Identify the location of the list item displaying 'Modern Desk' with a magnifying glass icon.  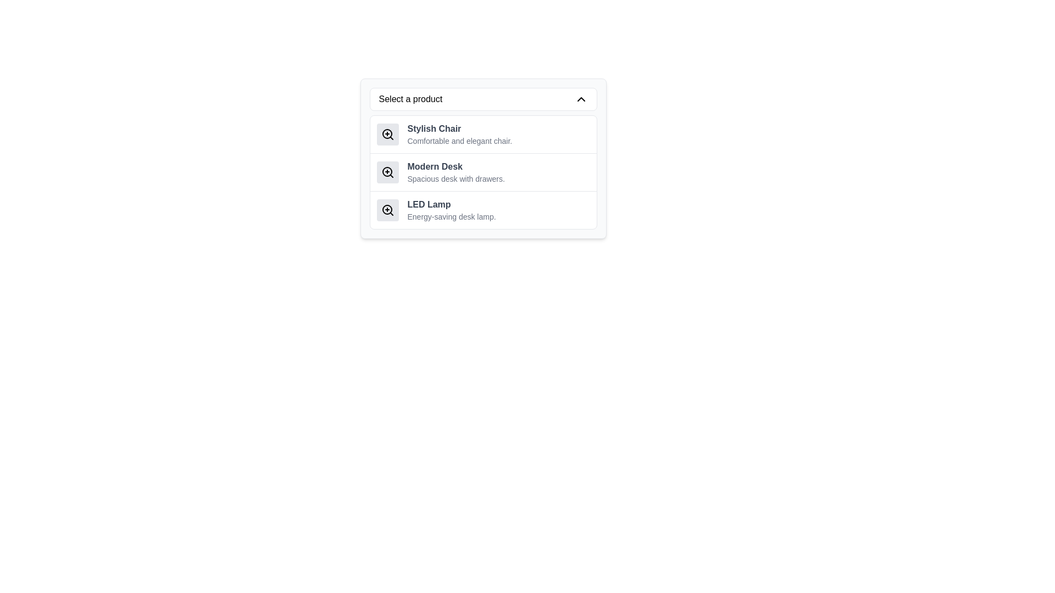
(483, 172).